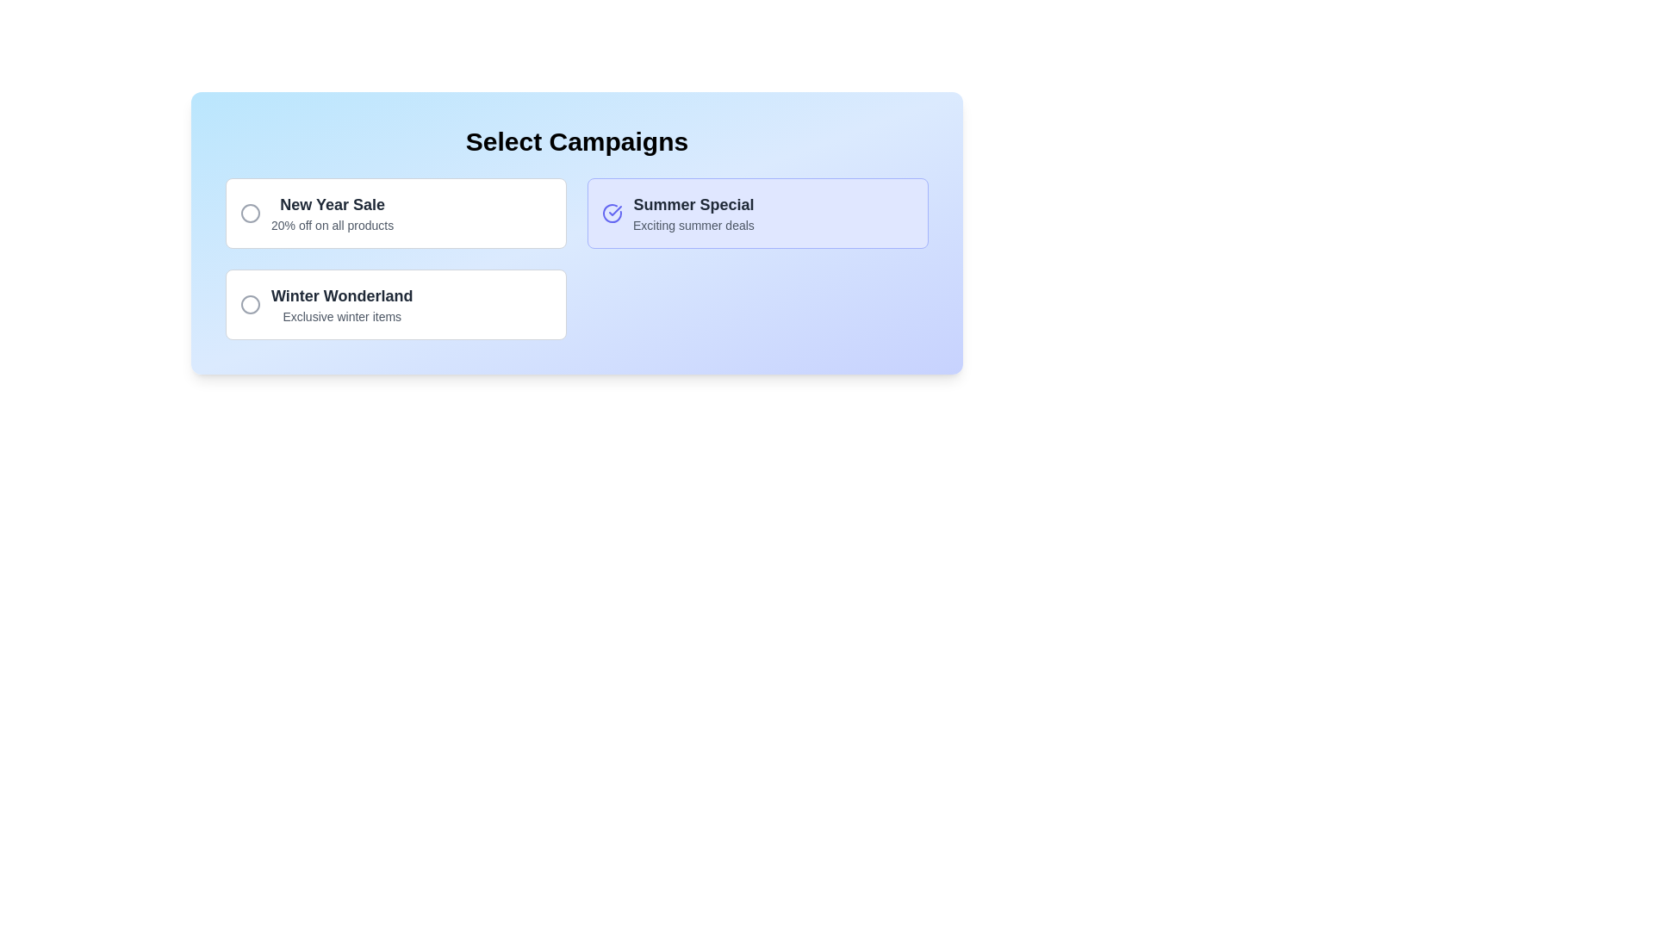  Describe the element at coordinates (693, 212) in the screenshot. I see `the text block within the selectable card labeled 'Summer Special', which displays 'Summer Special' in a large, bold font and 'Exciting summer deals' in a smaller font, both centrally aligned within a light indigo background` at that location.